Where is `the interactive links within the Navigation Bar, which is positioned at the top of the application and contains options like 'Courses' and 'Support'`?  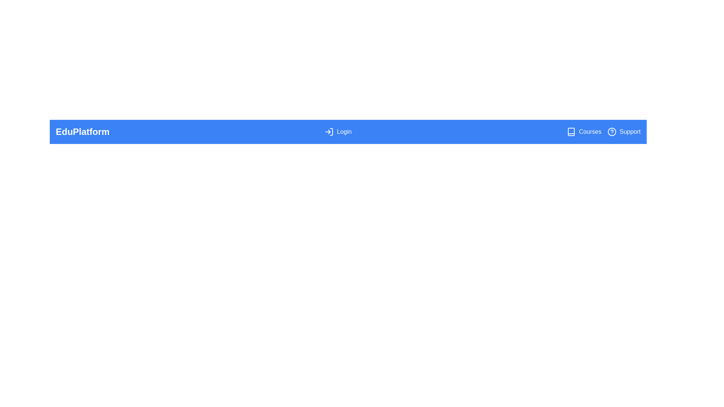 the interactive links within the Navigation Bar, which is positioned at the top of the application and contains options like 'Courses' and 'Support' is located at coordinates (348, 132).